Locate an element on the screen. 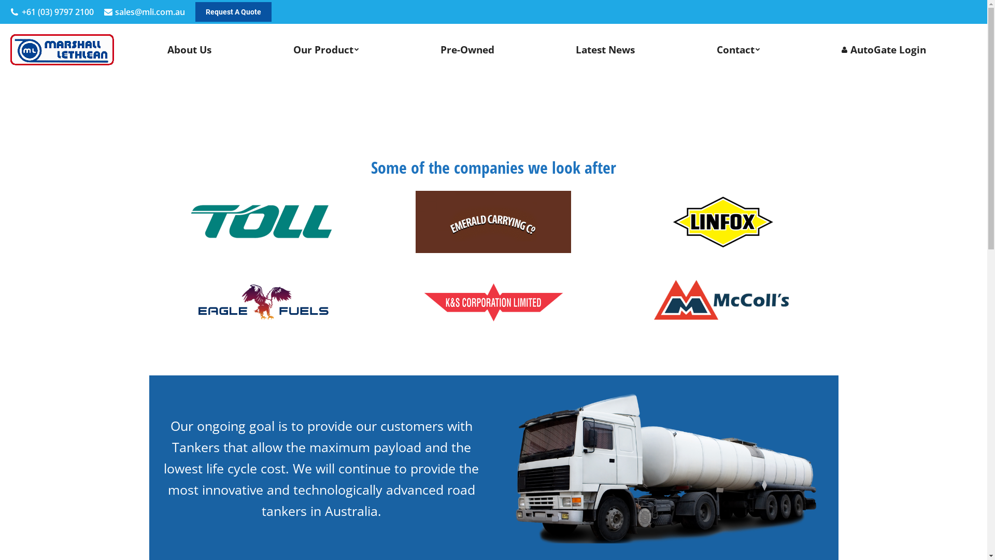  'Our Product' is located at coordinates (325, 50).